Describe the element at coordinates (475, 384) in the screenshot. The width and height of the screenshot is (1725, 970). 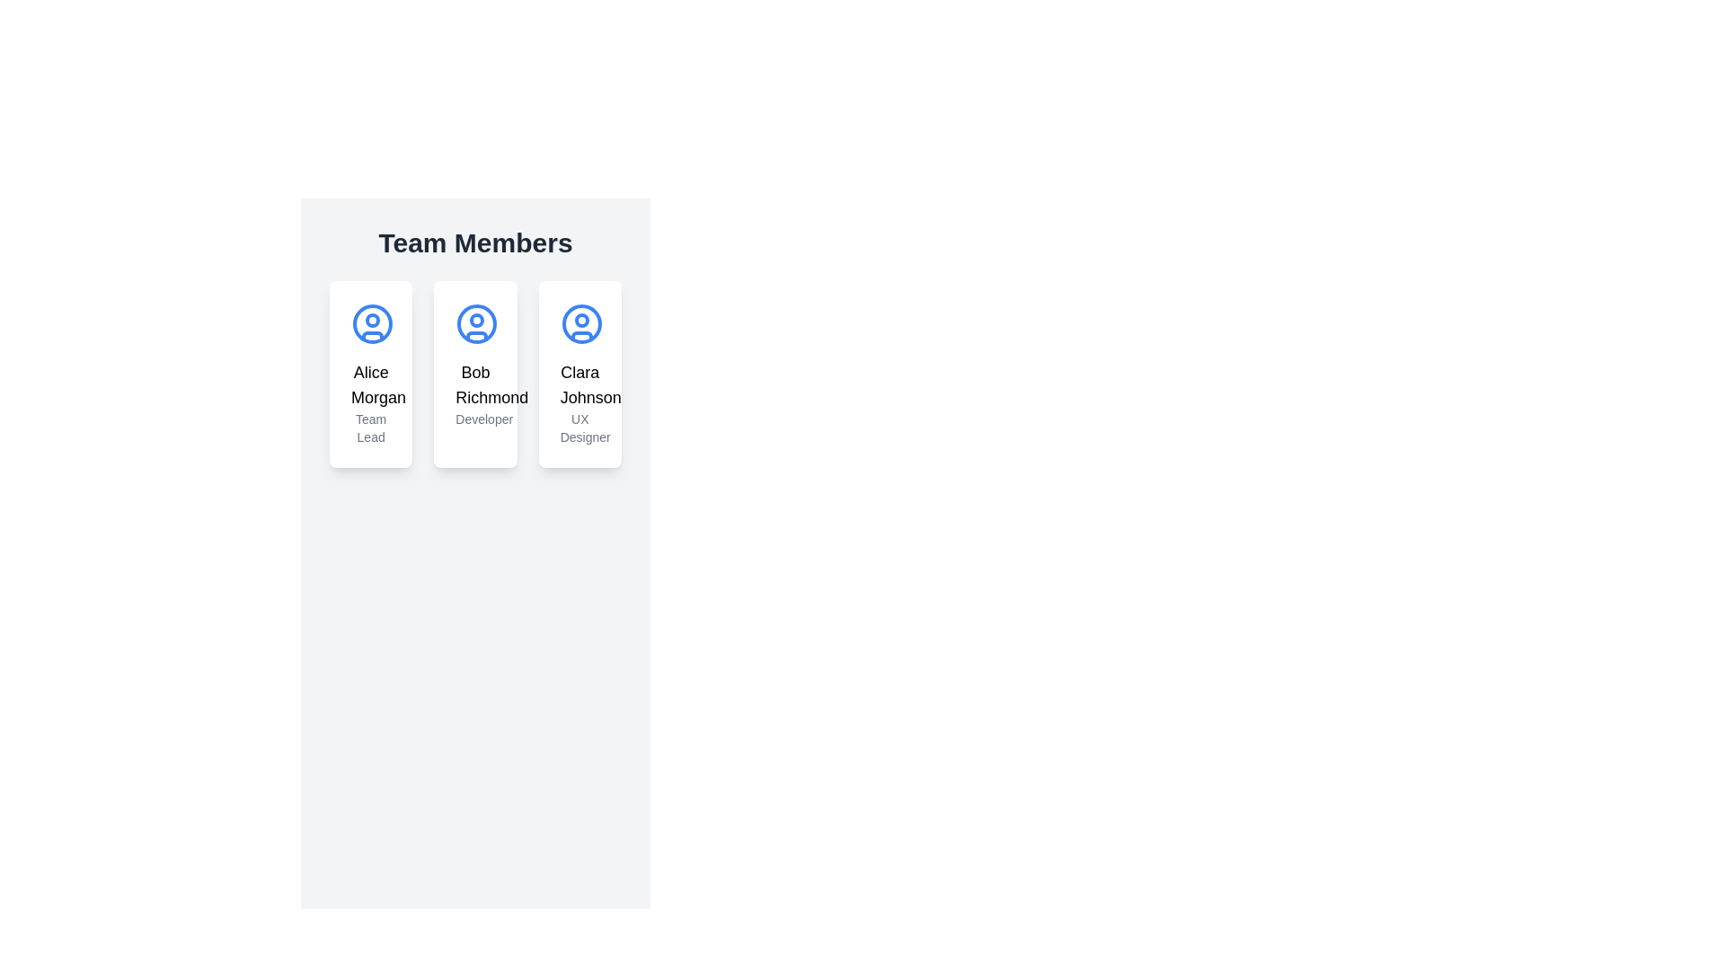
I see `the text label that displays the name 'Bob Richmond', which is prominently styled in a larger bold font and located centrally within the second card of three horizontally arranged cards` at that location.